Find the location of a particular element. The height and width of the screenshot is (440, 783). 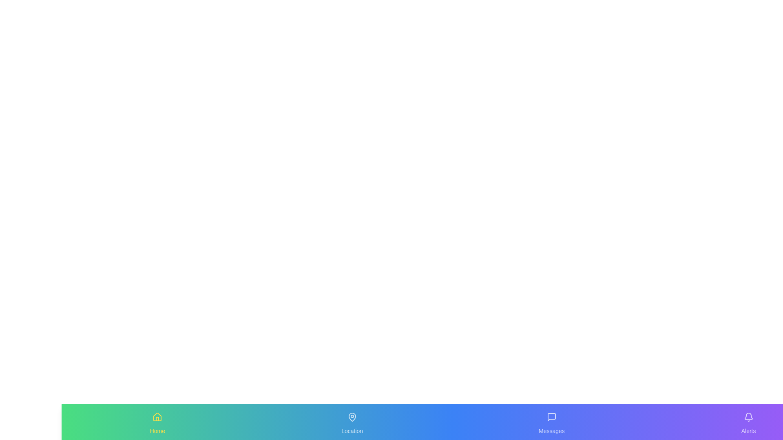

the Alerts tab by clicking on its icon or label is located at coordinates (748, 422).